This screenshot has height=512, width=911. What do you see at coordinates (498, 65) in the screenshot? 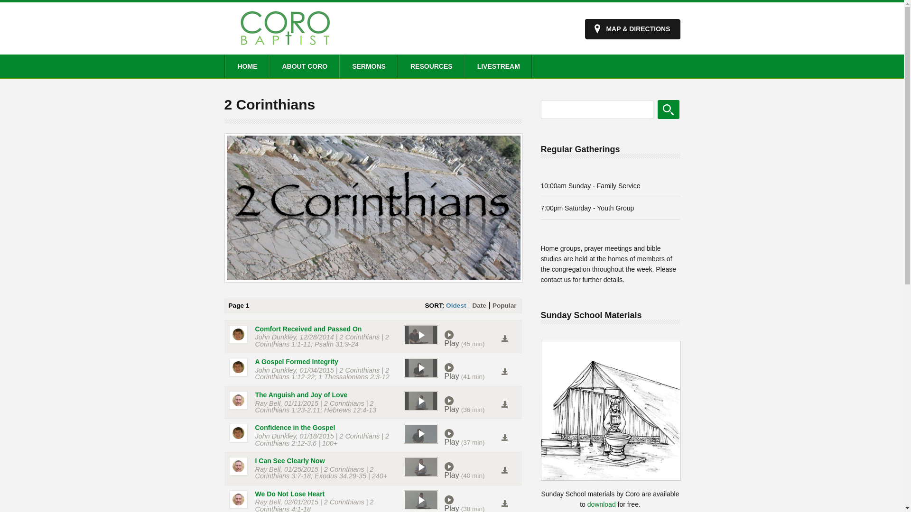
I see `'LIVESTREAM'` at bounding box center [498, 65].